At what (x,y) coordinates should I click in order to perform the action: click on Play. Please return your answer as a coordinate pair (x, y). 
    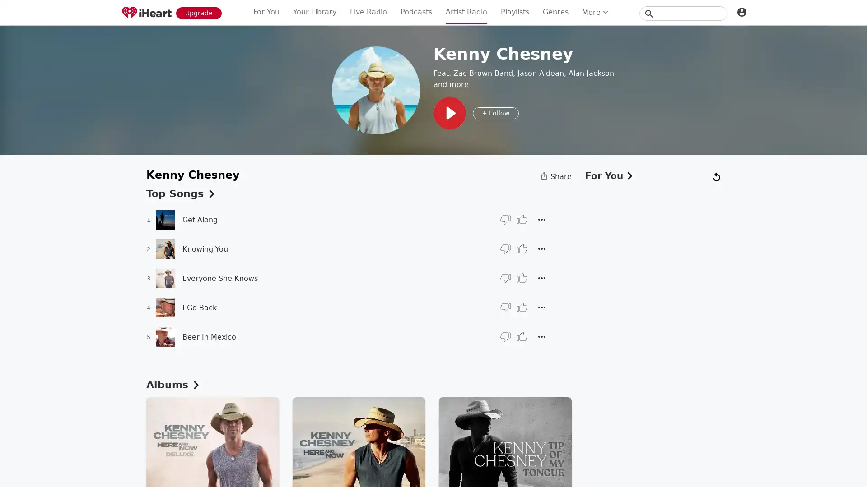
    Looking at the image, I should click on (165, 277).